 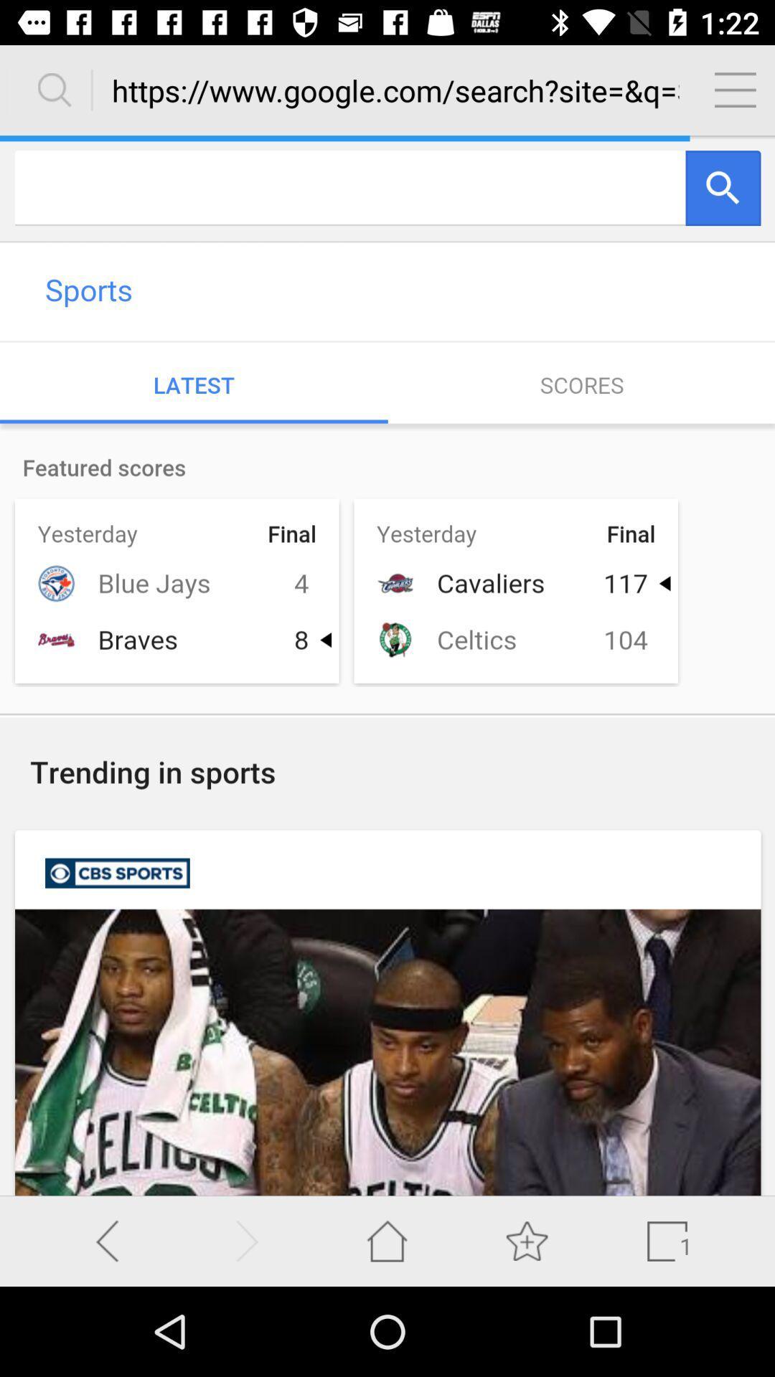 I want to click on menu page, so click(x=735, y=89).